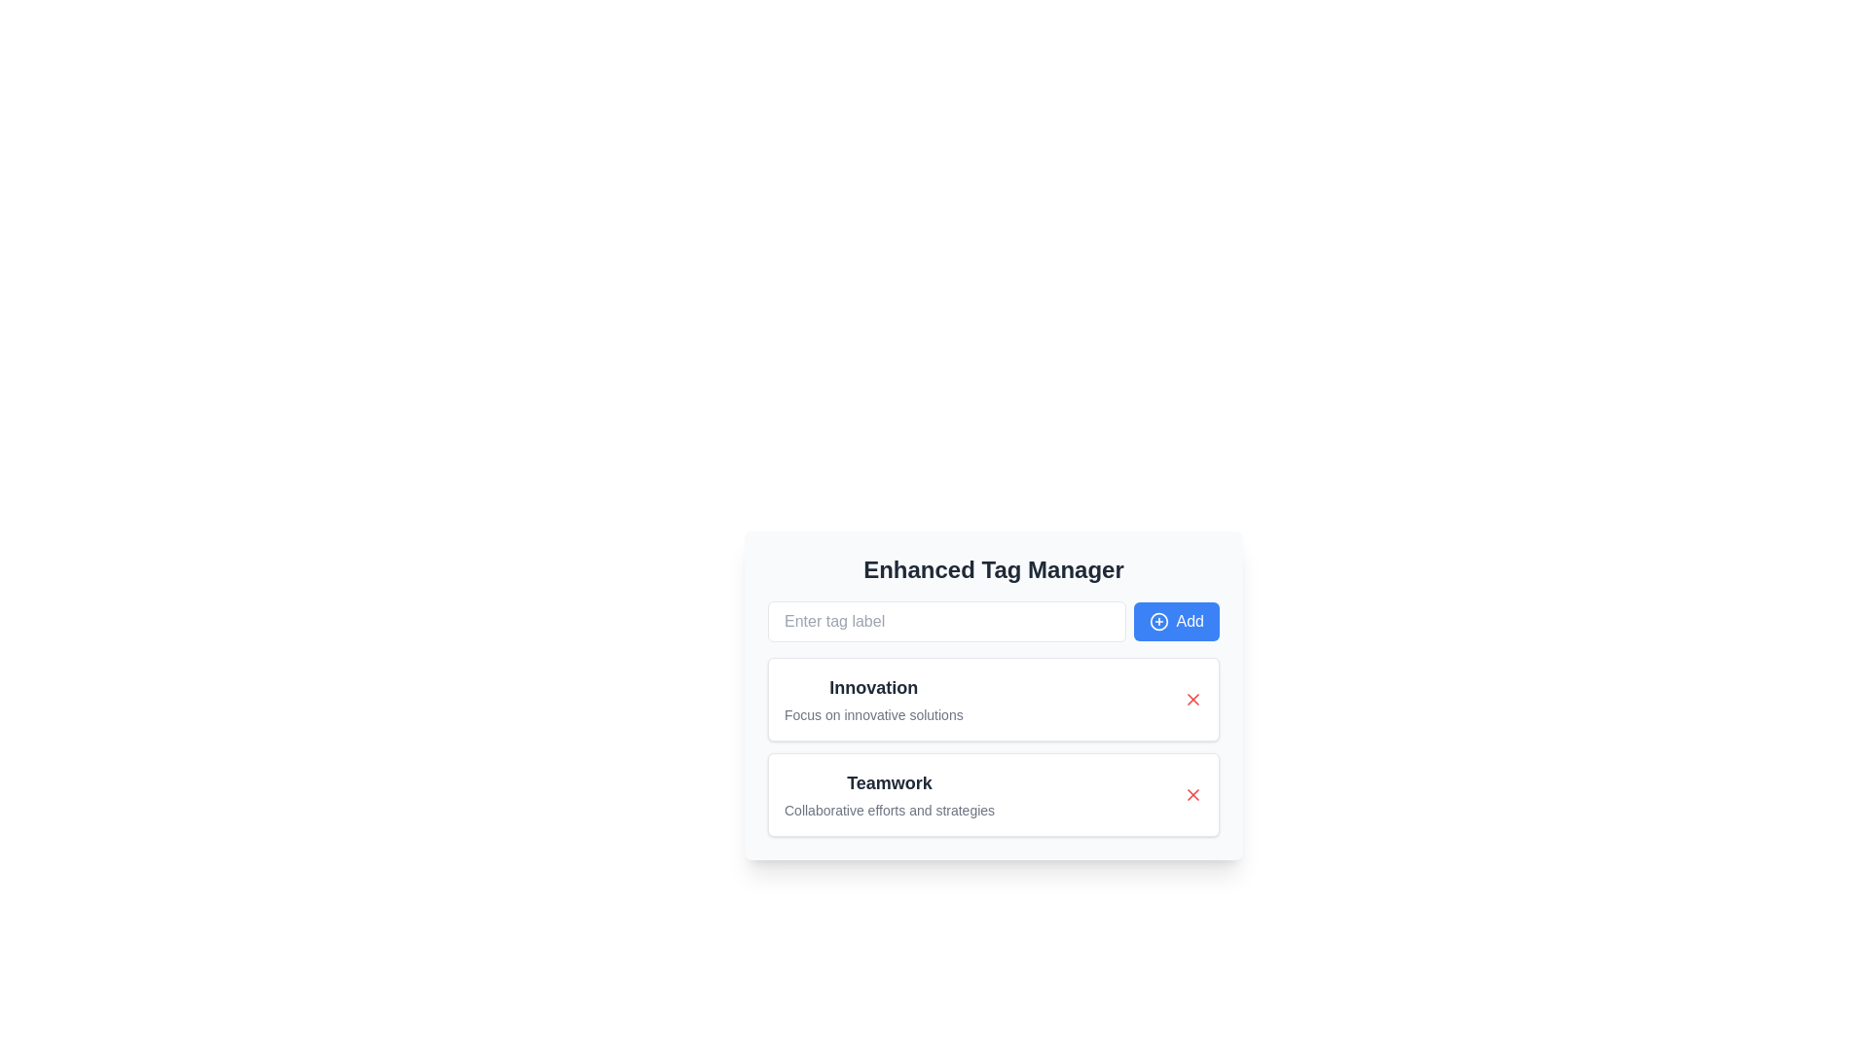 The height and width of the screenshot is (1051, 1869). What do you see at coordinates (1191, 795) in the screenshot?
I see `the delete icon located to the far right side of the 'Teamwork' entry in the 'Enhanced Tag Manager' panel` at bounding box center [1191, 795].